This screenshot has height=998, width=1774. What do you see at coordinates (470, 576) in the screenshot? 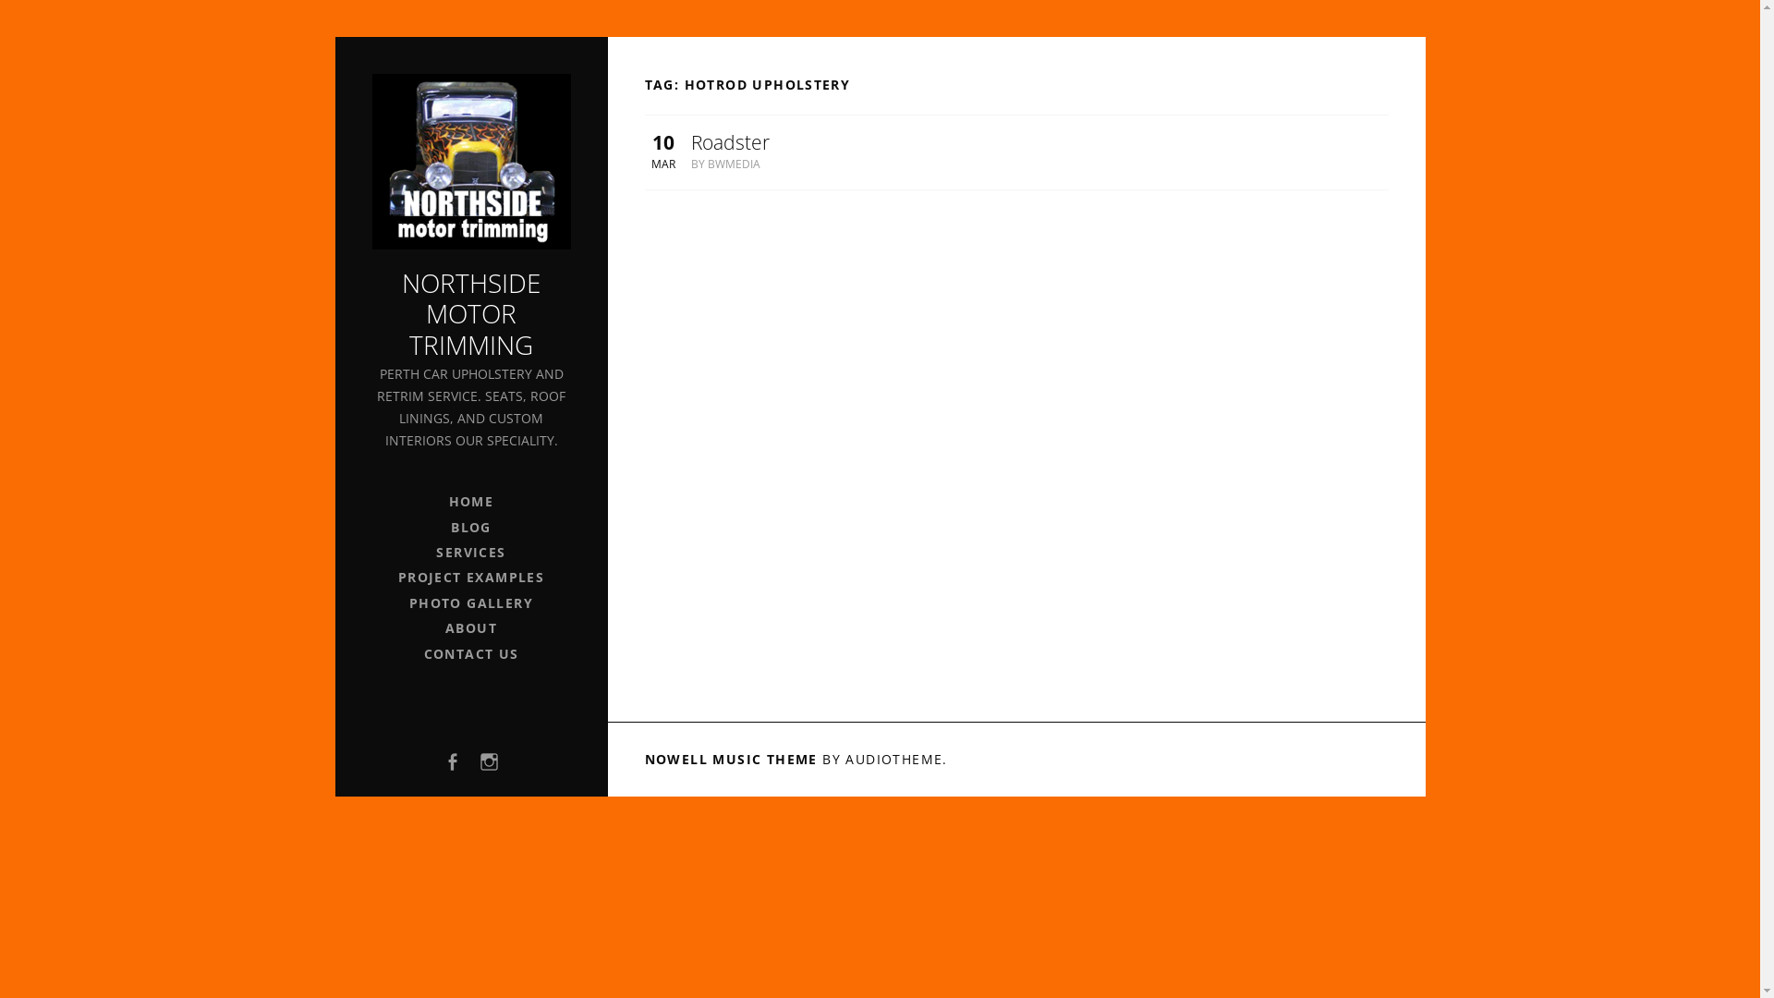
I see `'PROJECT EXAMPLES'` at bounding box center [470, 576].